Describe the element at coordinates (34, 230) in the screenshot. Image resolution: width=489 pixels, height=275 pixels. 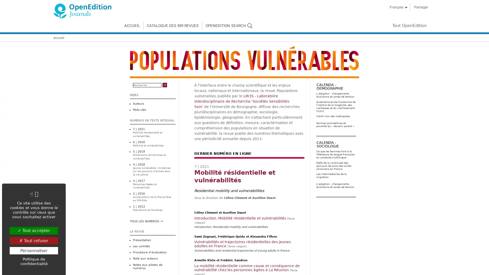
I see `Tout accepter` at that location.